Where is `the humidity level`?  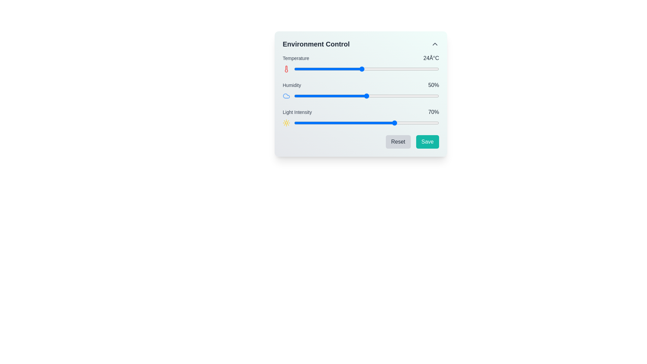 the humidity level is located at coordinates (373, 96).